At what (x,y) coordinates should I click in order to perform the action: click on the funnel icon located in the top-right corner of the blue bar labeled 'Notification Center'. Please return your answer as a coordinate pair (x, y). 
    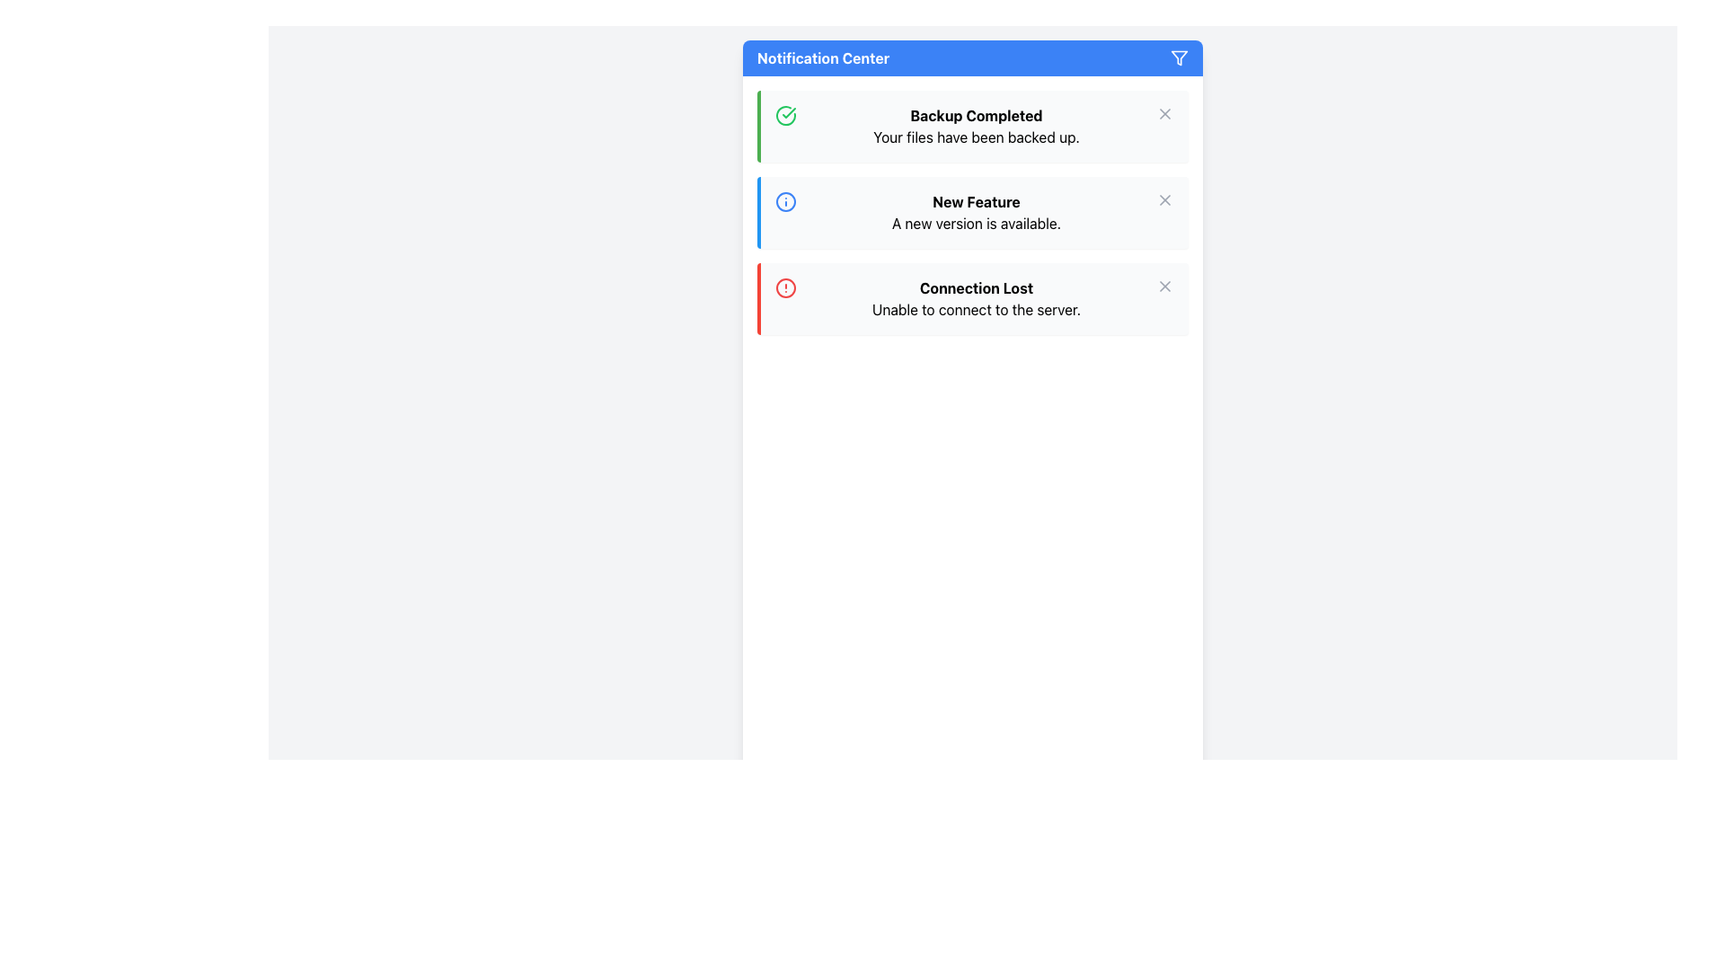
    Looking at the image, I should click on (1180, 57).